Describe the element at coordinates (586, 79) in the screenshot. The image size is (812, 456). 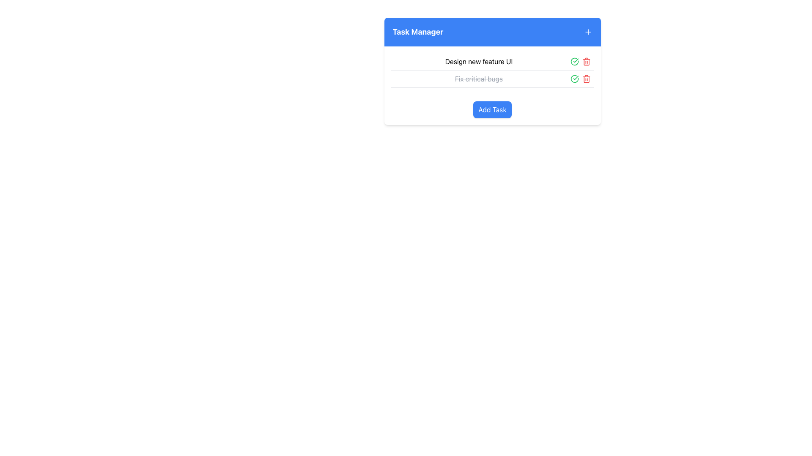
I see `the red trash bin icon button located to the right of the second entry in the task list` at that location.